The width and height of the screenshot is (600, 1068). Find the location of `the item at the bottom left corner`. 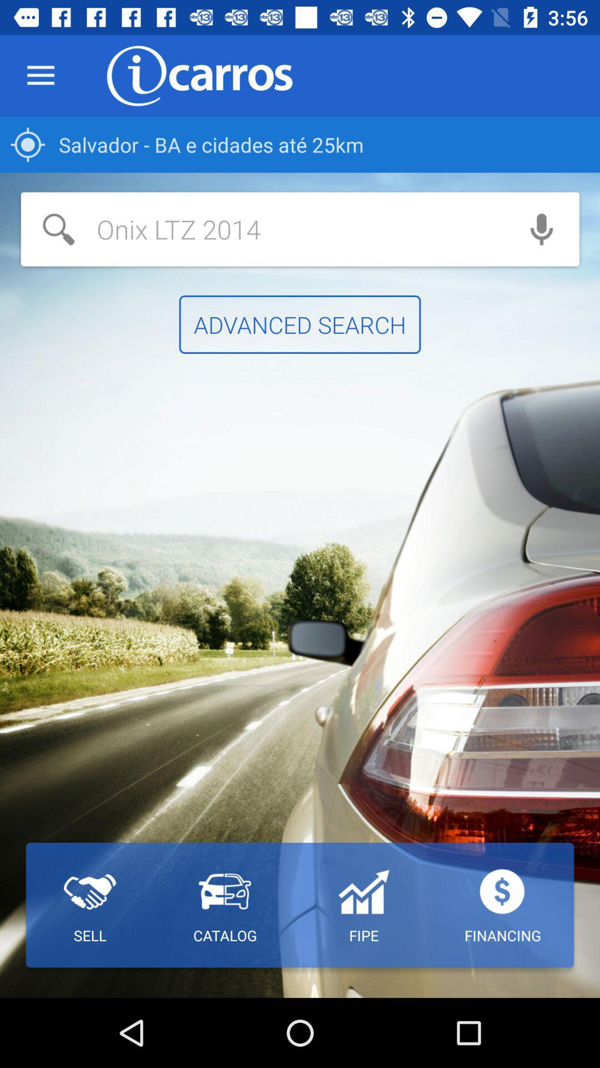

the item at the bottom left corner is located at coordinates (89, 905).